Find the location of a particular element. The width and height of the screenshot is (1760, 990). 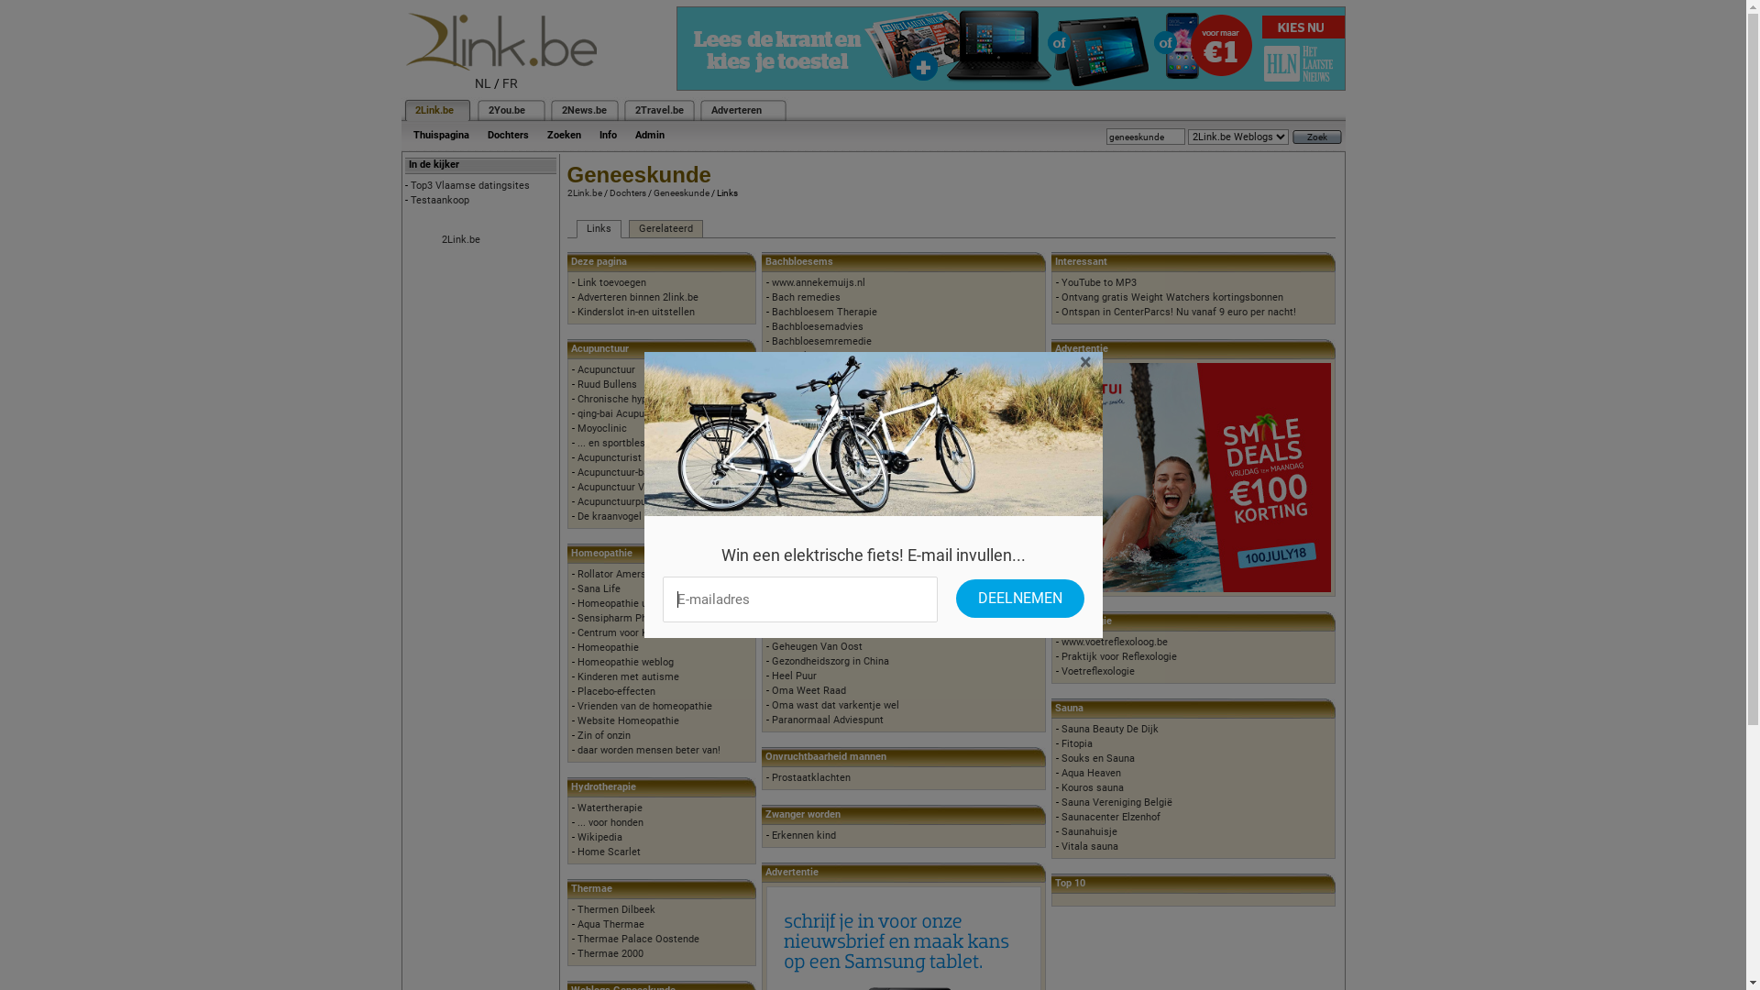

'qing-bai Acupunctuur' is located at coordinates (625, 413).